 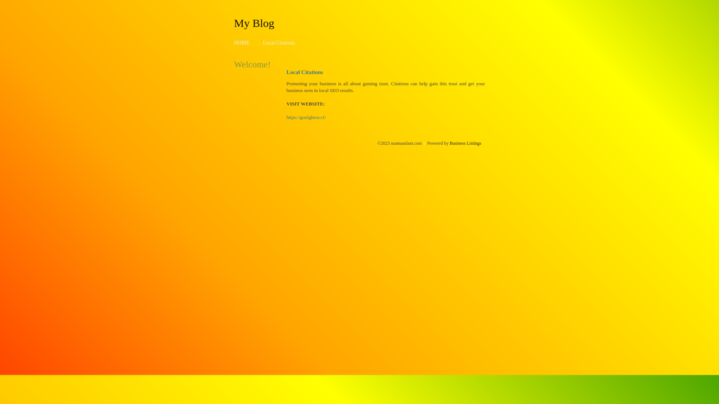 I want to click on 'https://goolghera.cf/', so click(x=286, y=117).